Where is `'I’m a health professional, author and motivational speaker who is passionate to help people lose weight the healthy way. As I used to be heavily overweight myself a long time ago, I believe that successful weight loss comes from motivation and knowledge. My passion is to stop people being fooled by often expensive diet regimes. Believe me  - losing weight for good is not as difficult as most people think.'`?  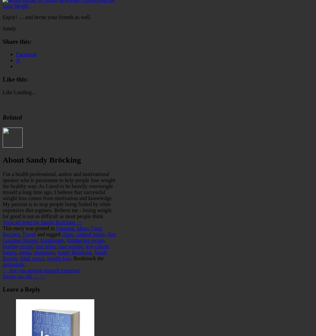
'I’m a health professional, author and motivational speaker who is passionate to help people lose weight the healthy way. As I used to be heavily overweight myself a long time ago, I believe that successful weight loss comes from motivation and knowledge. My passion is to stop people being fooled by often expensive diet regimes. Believe me  - losing weight for good is not as difficult as most people think.' is located at coordinates (58, 195).